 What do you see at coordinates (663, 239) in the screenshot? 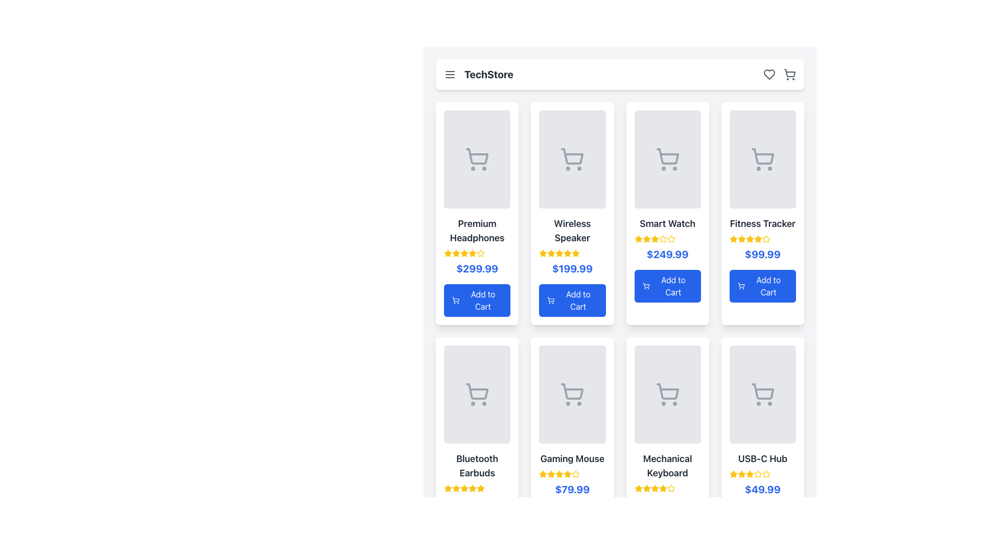
I see `the sixth star icon in the rating system for the 'Smart Watch' product, which is outlined in yellow and styled cleanly and modernly` at bounding box center [663, 239].